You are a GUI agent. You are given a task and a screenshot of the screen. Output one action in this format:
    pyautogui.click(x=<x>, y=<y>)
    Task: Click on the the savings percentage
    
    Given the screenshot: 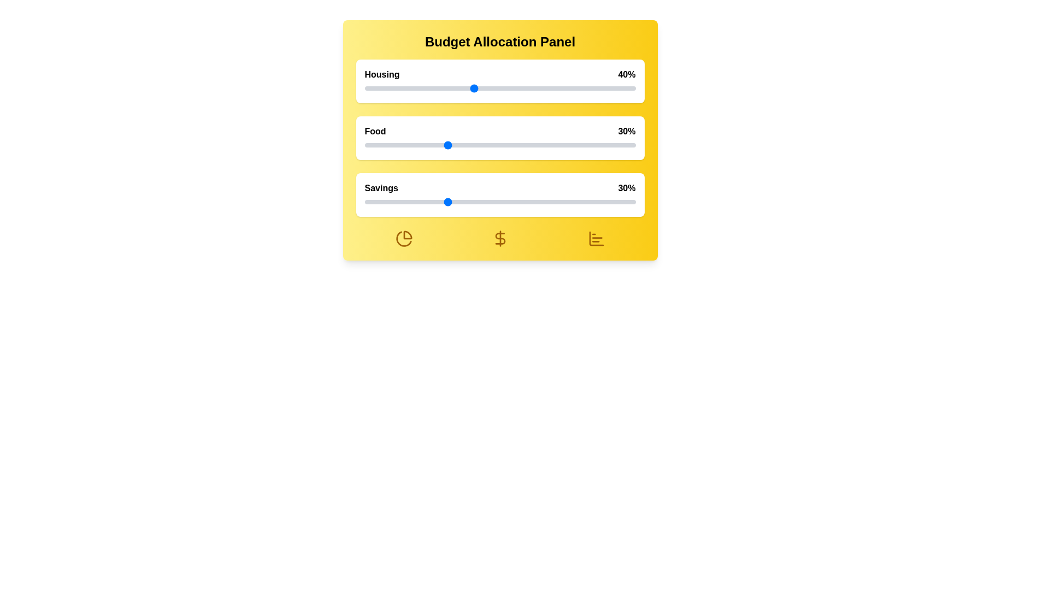 What is the action you would take?
    pyautogui.click(x=554, y=202)
    